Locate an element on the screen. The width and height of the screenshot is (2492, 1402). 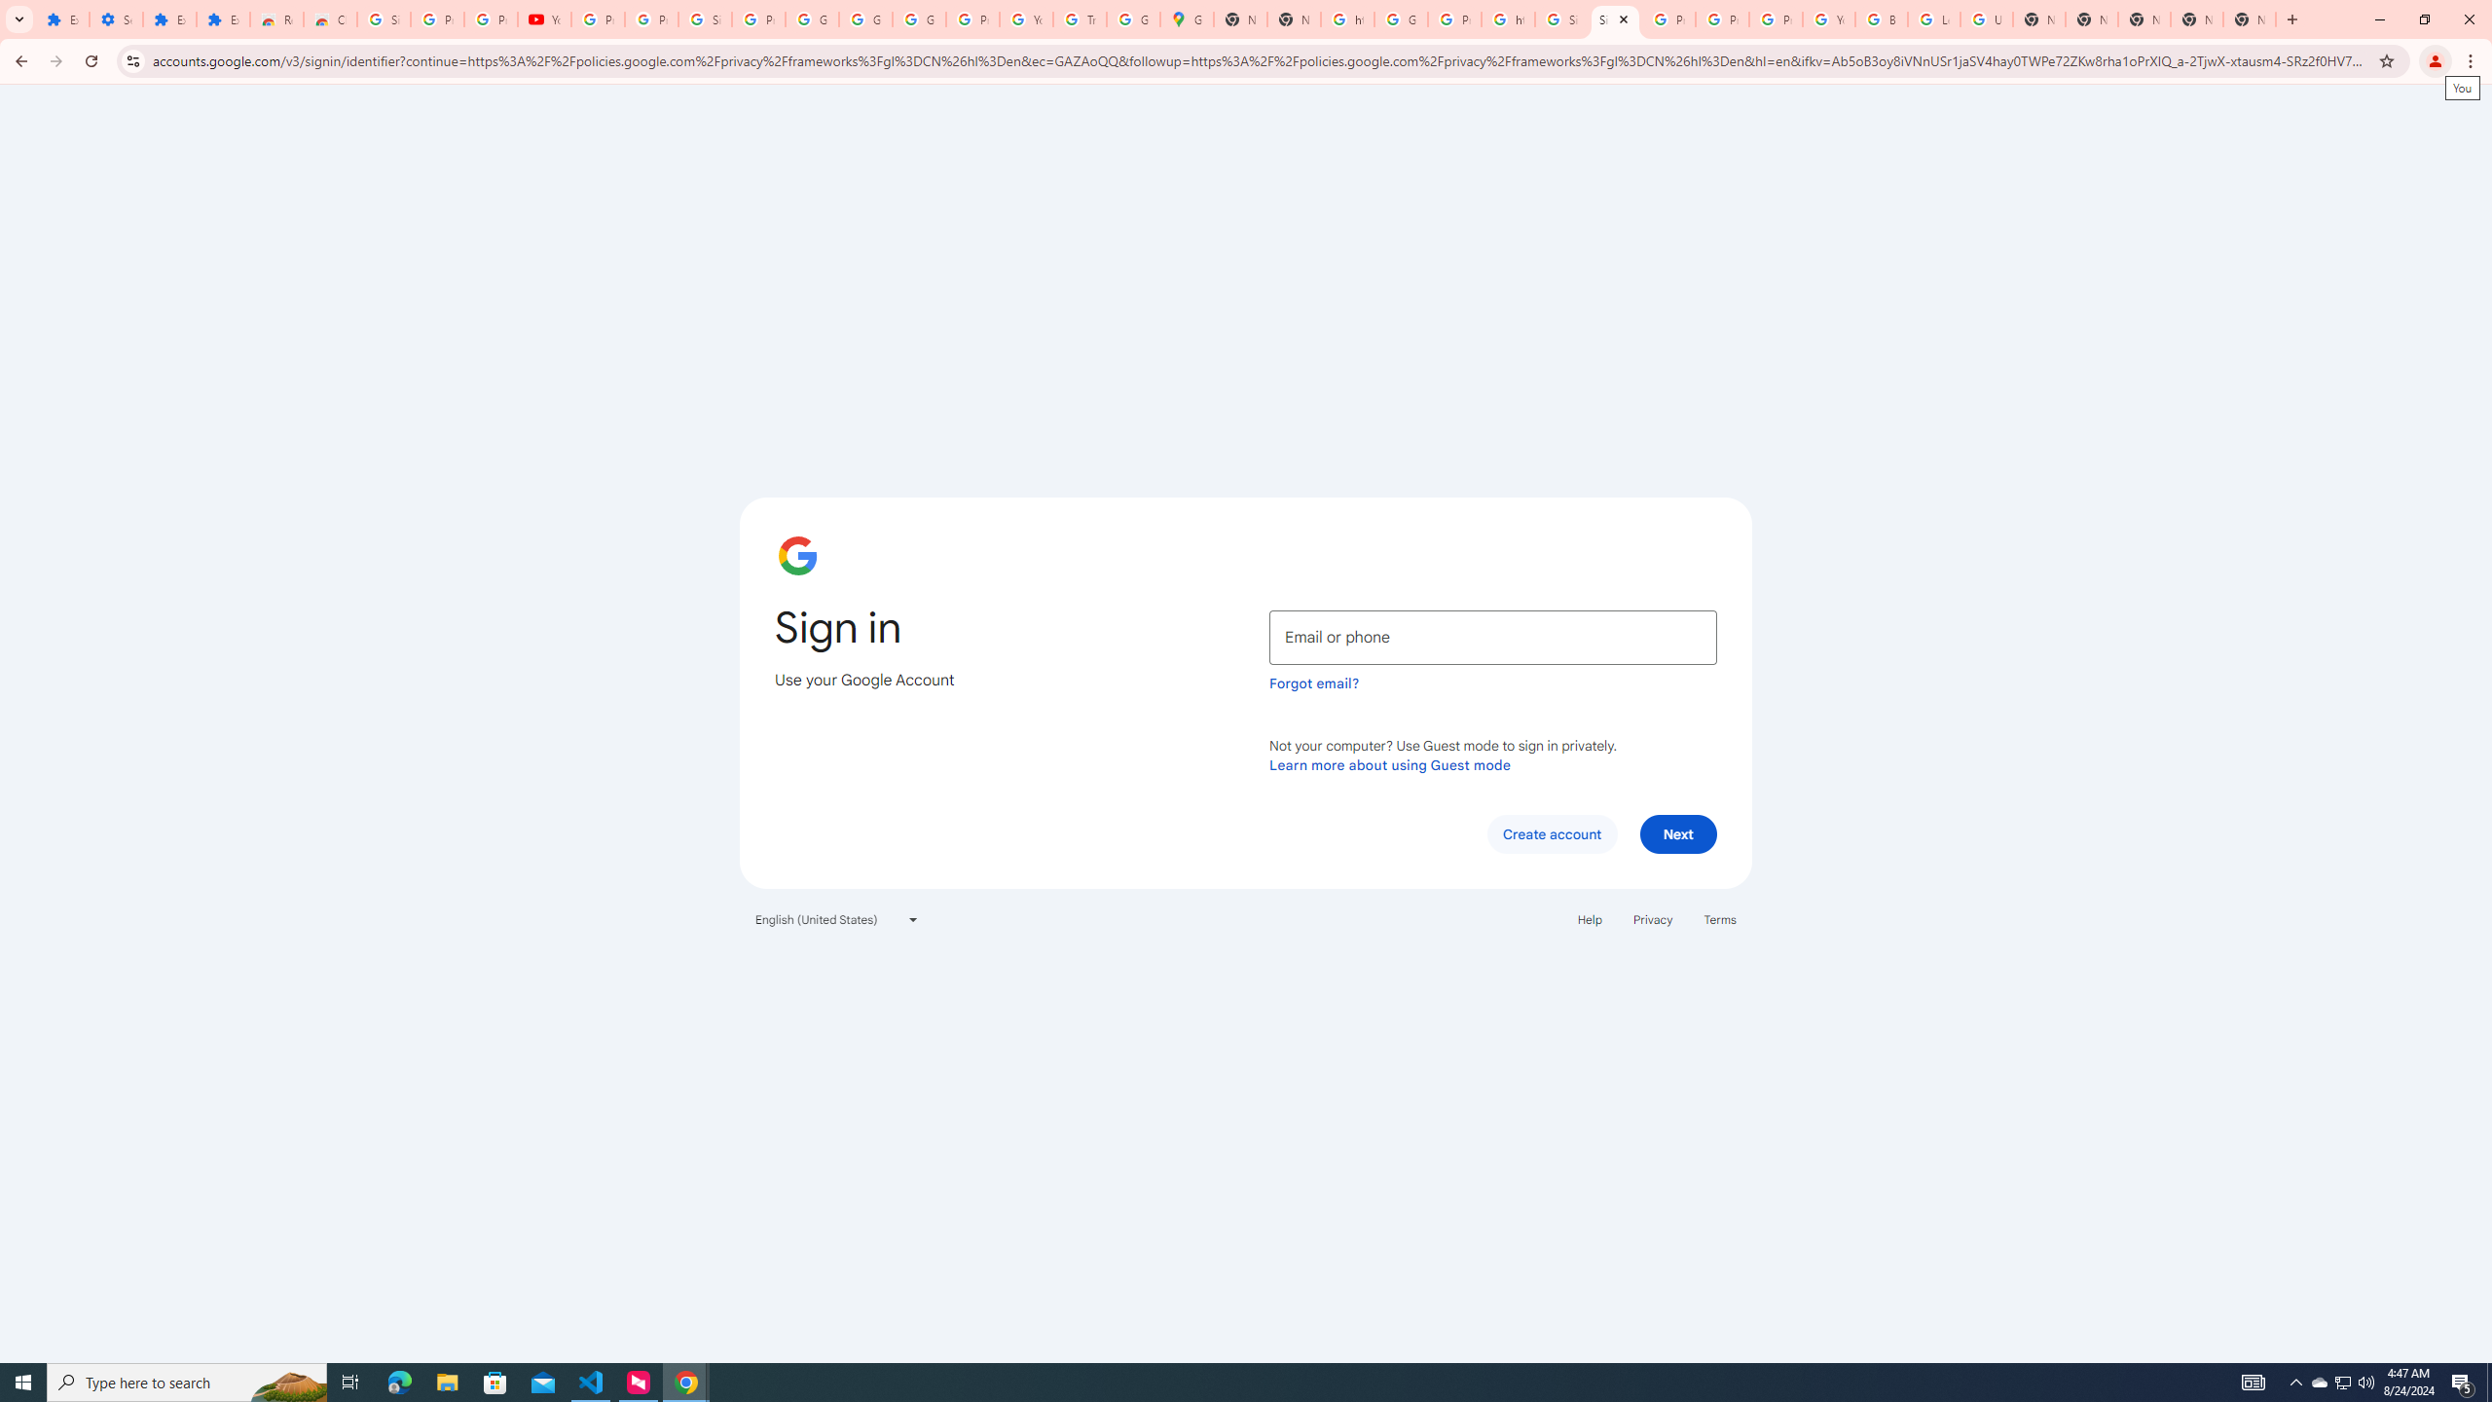
'Reviews: Helix Fruit Jump Arcade Game' is located at coordinates (276, 18).